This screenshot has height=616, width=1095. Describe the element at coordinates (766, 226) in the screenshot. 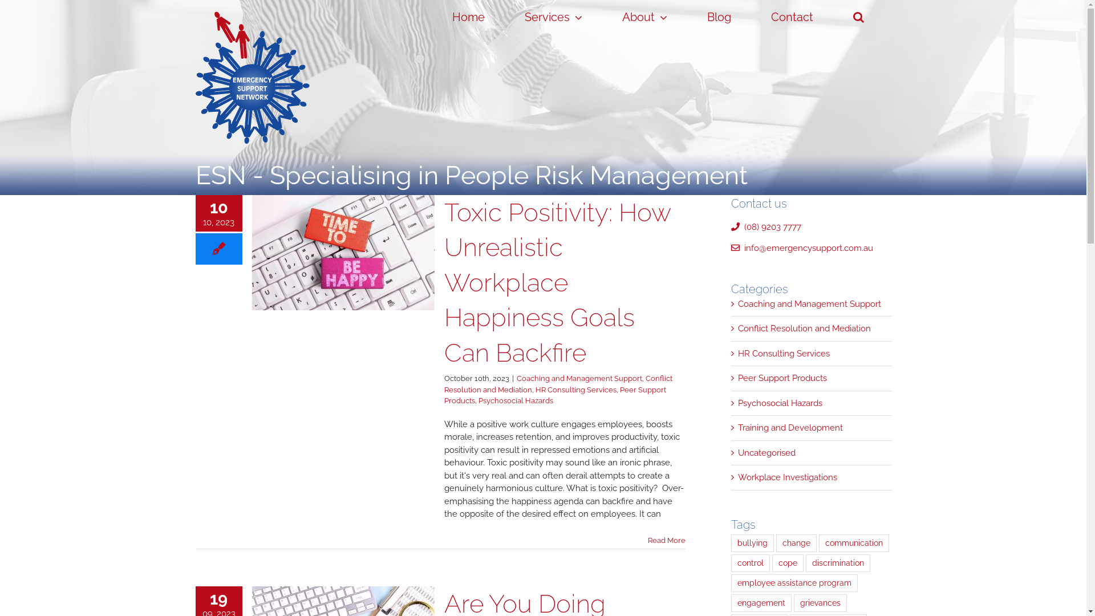

I see `'  (08) 9203 7777'` at that location.